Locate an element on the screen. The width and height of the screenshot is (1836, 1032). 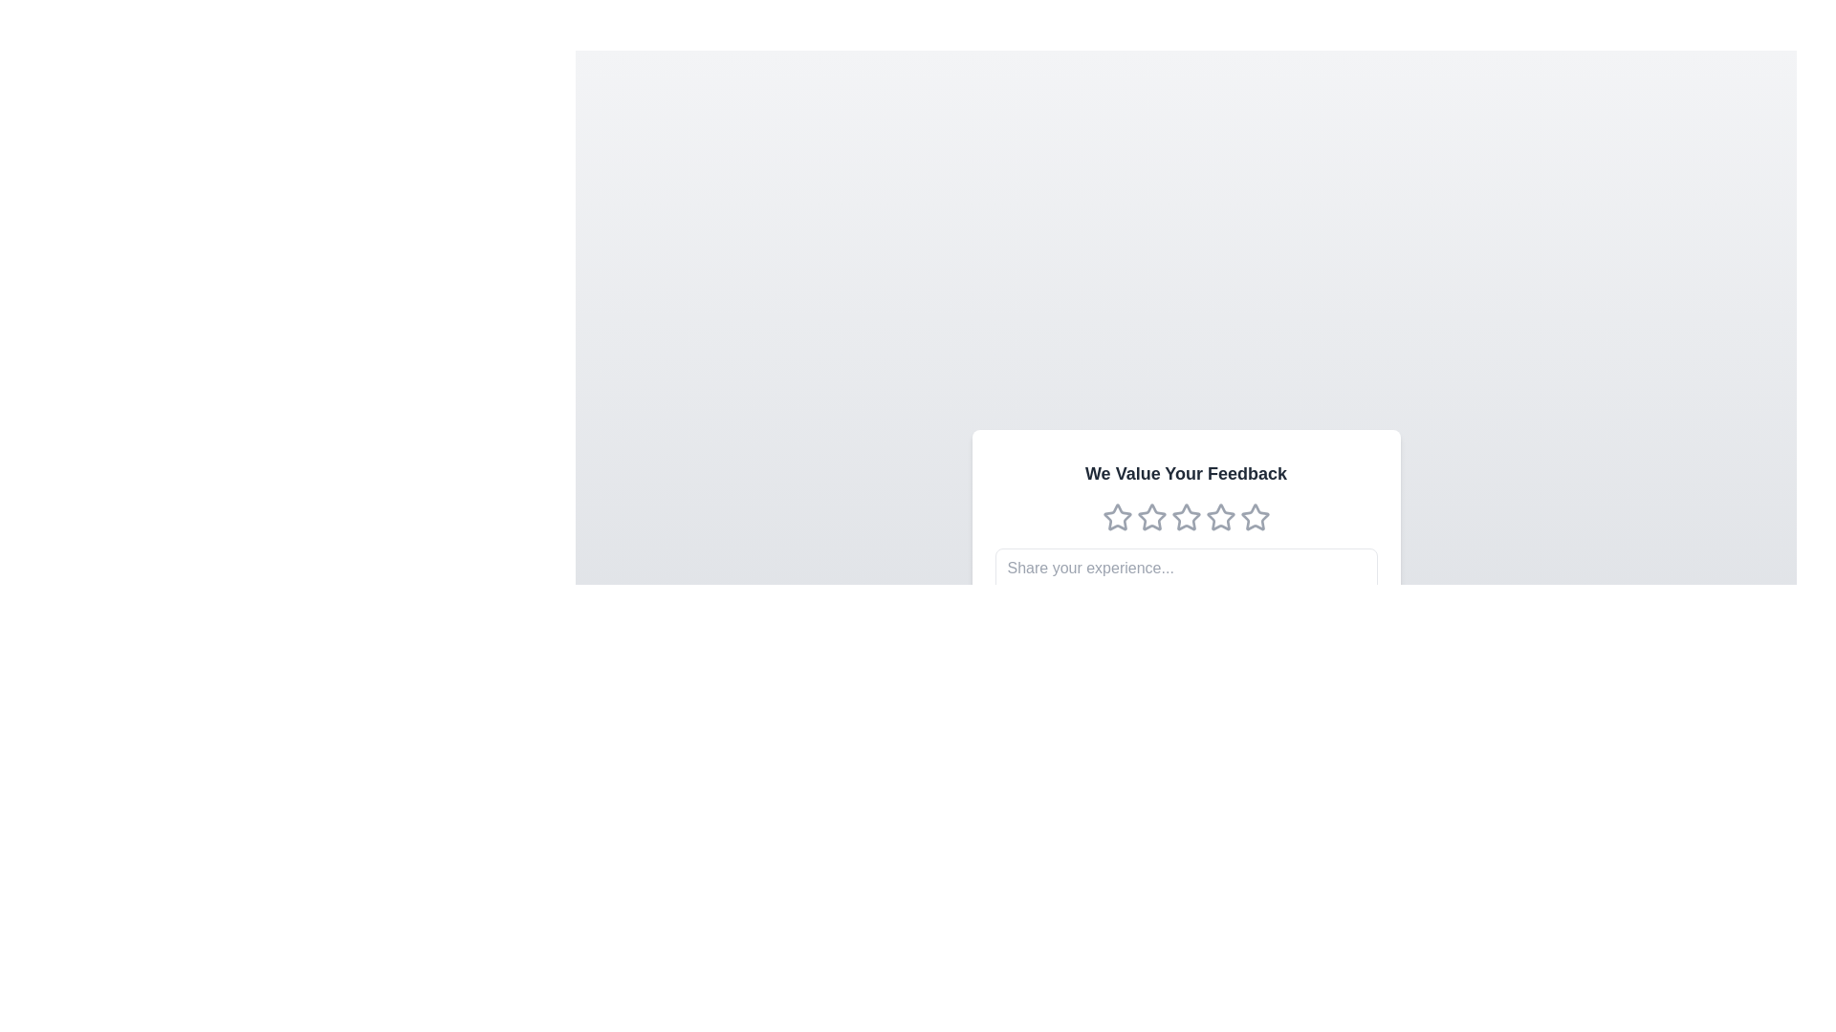
the text header that serves as the title for the feedback form is located at coordinates (1185, 473).